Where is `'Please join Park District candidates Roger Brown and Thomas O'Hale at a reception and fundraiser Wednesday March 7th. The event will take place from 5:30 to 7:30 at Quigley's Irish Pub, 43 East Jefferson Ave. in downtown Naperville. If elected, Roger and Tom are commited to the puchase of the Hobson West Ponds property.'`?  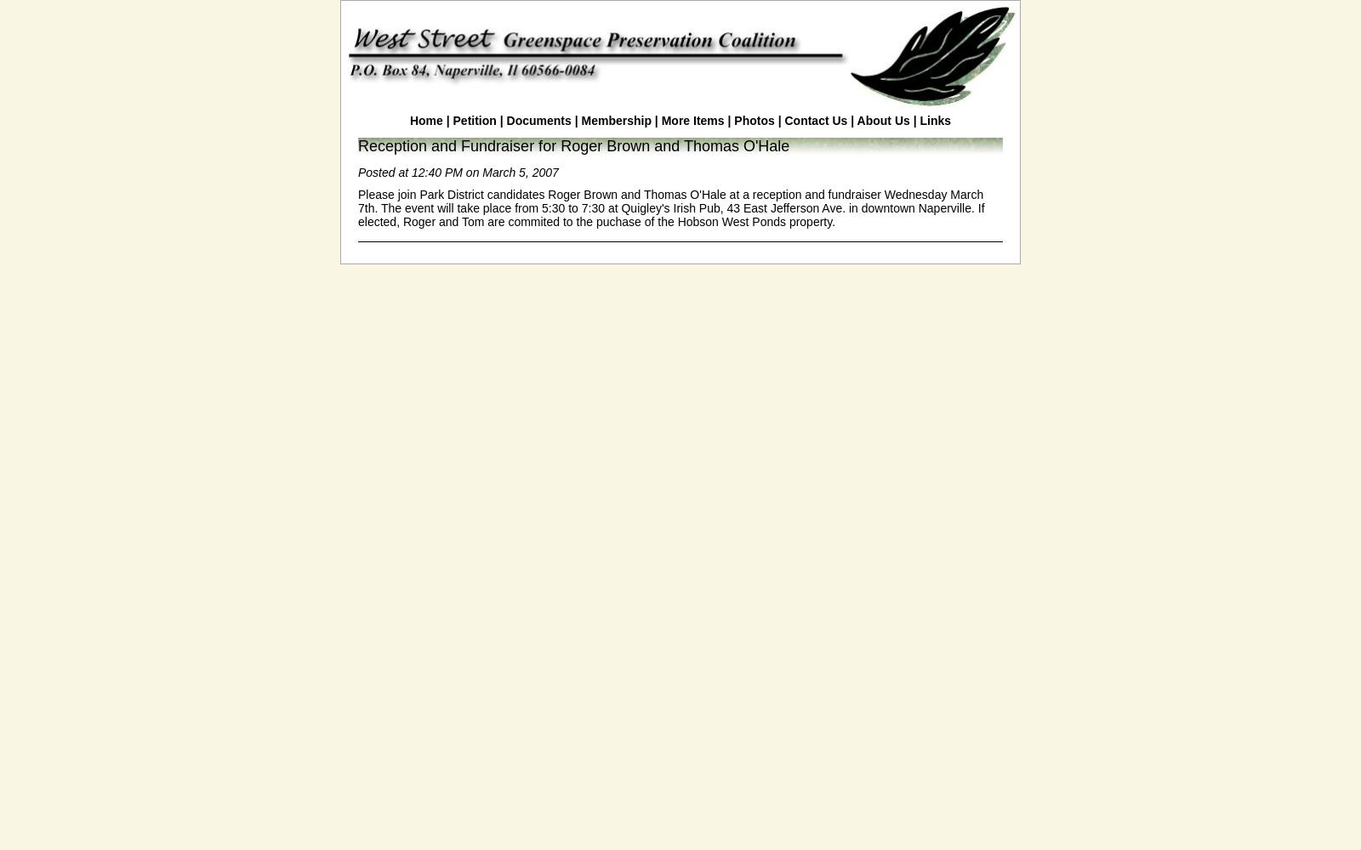 'Please join Park District candidates Roger Brown and Thomas O'Hale at a reception and fundraiser Wednesday March 7th. The event will take place from 5:30 to 7:30 at Quigley's Irish Pub, 43 East Jefferson Ave. in downtown Naperville. If elected, Roger and Tom are commited to the puchase of the Hobson West Ponds property.' is located at coordinates (356, 207).